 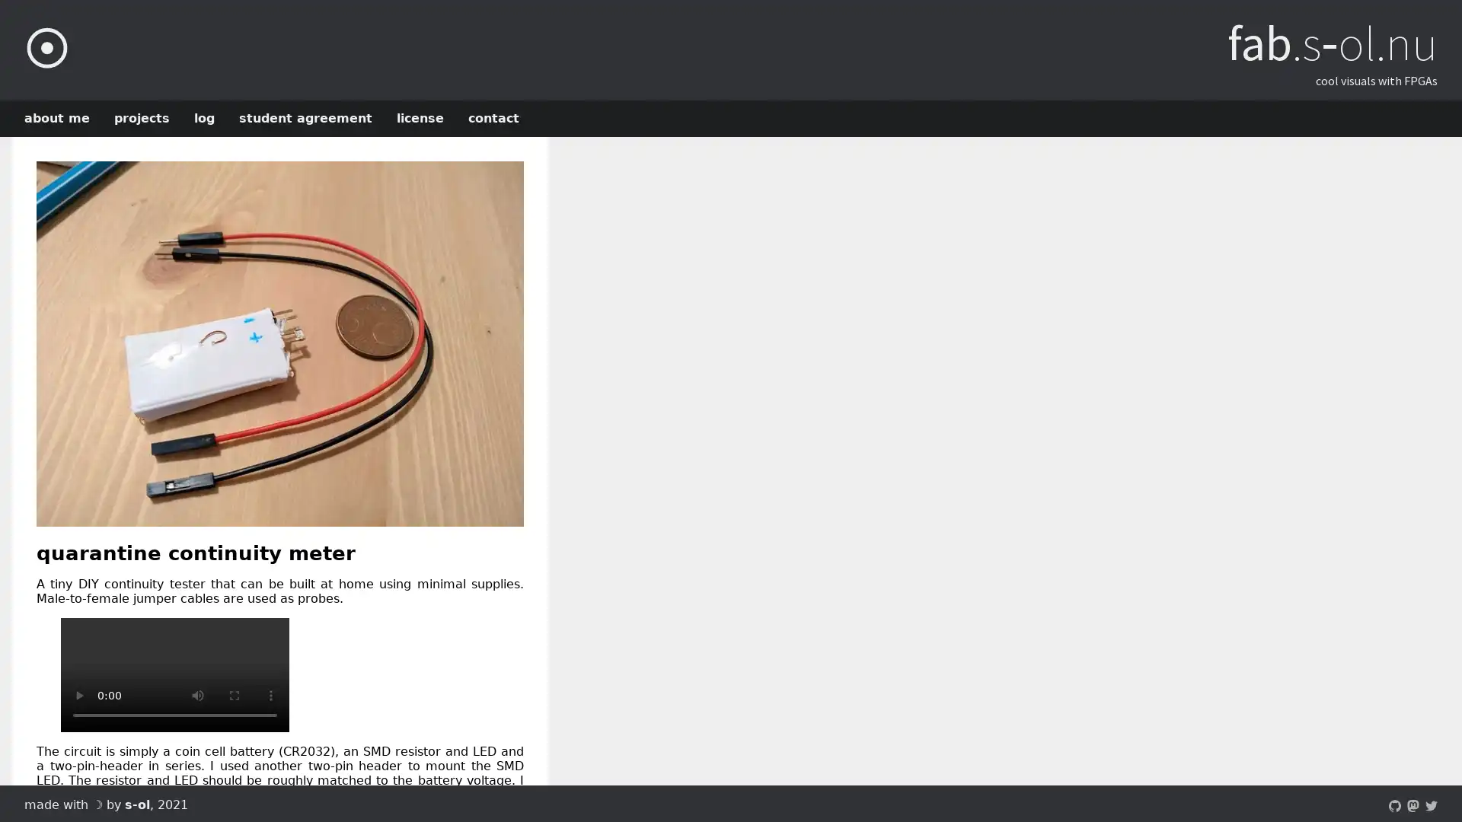 What do you see at coordinates (270, 696) in the screenshot?
I see `show more media controls` at bounding box center [270, 696].